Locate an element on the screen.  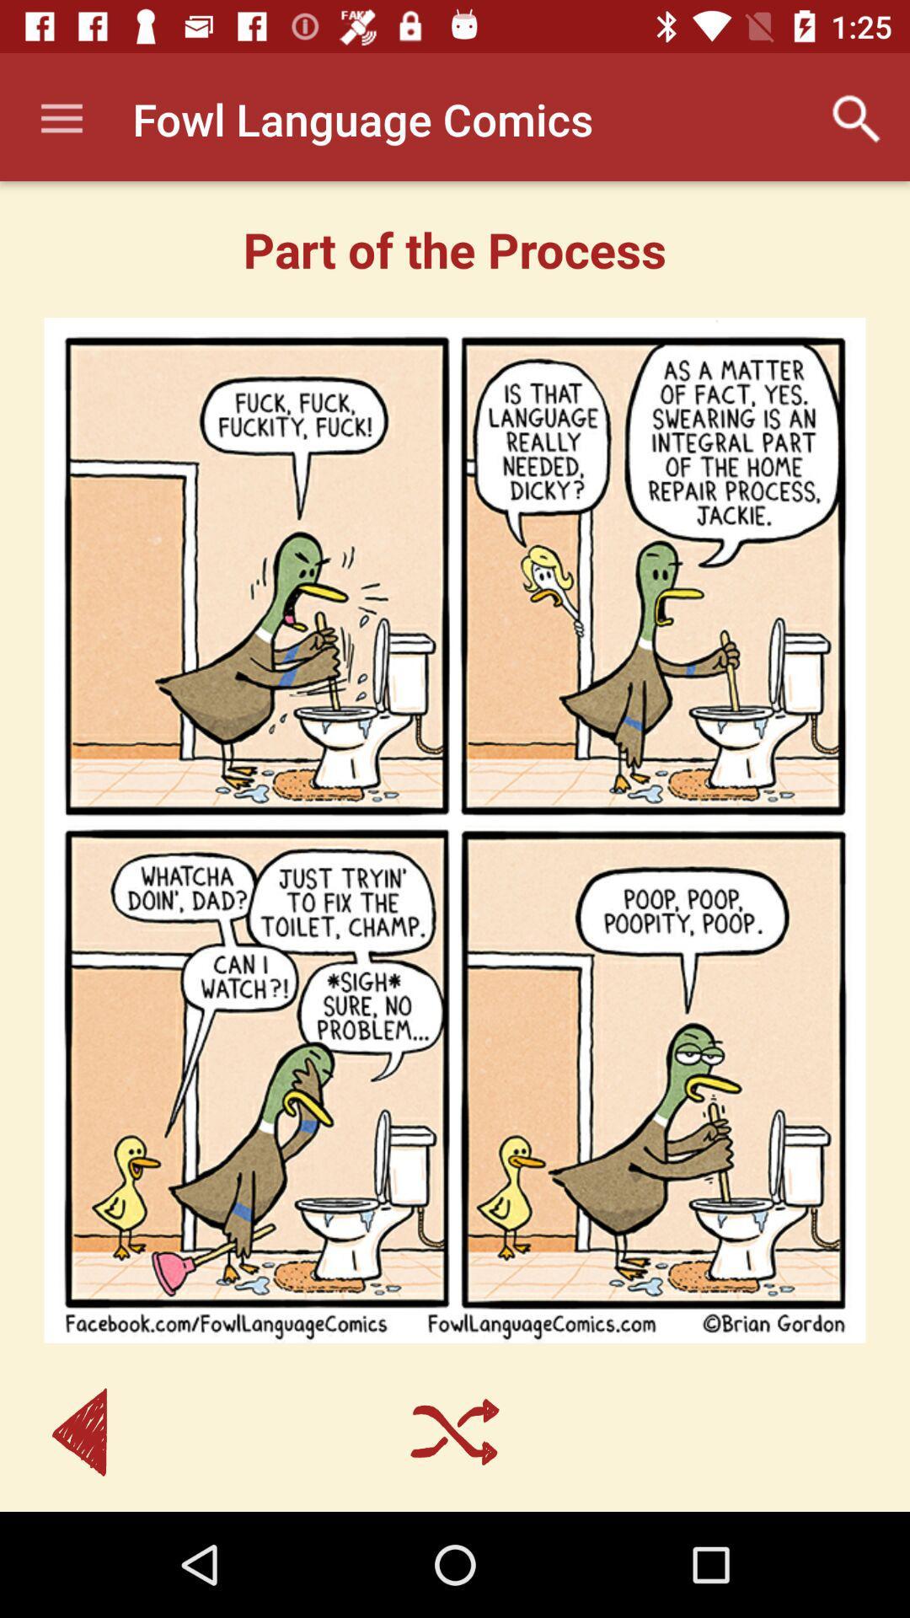
the item next to the fowl language comics item is located at coordinates (61, 118).